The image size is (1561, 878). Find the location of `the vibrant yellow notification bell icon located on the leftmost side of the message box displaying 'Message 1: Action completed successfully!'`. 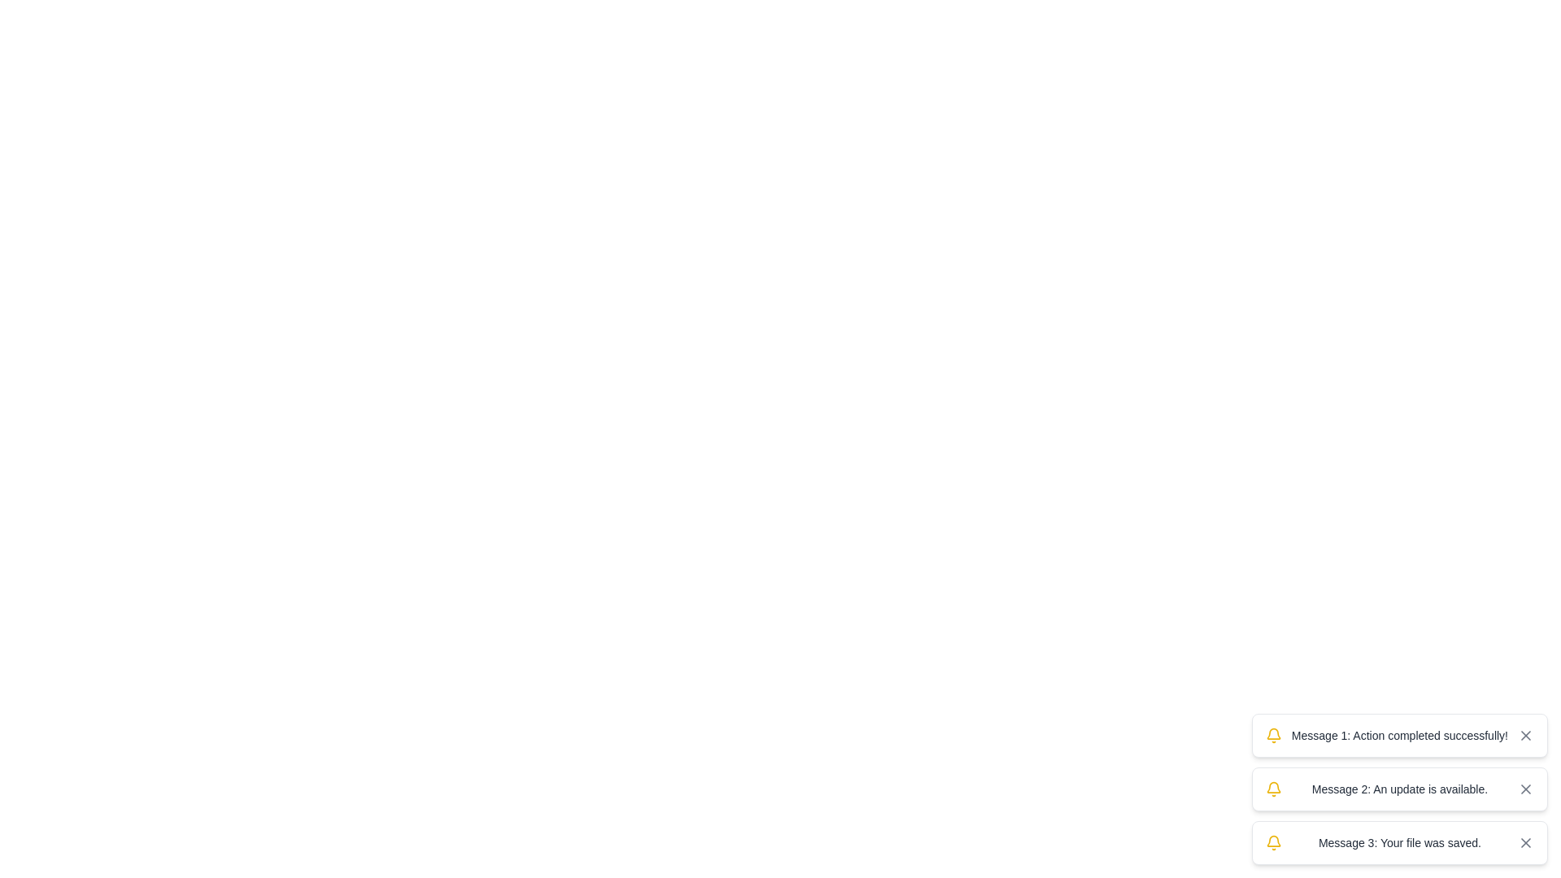

the vibrant yellow notification bell icon located on the leftmost side of the message box displaying 'Message 1: Action completed successfully!' is located at coordinates (1272, 736).